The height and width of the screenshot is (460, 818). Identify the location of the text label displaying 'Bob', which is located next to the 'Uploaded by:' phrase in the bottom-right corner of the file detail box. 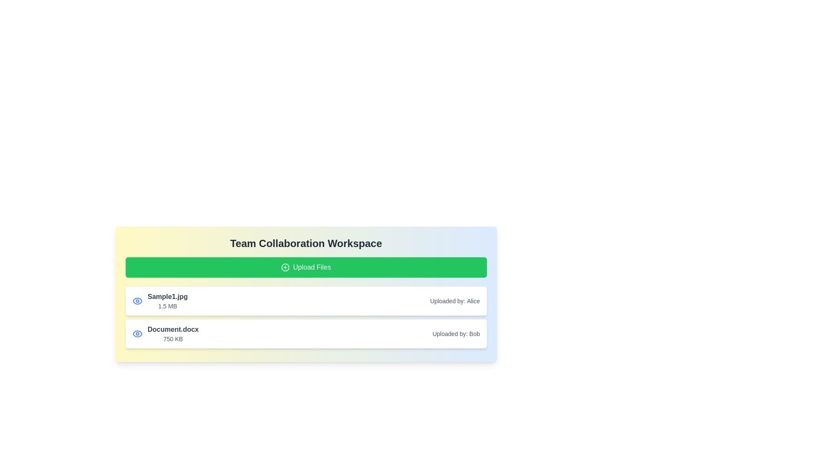
(474, 333).